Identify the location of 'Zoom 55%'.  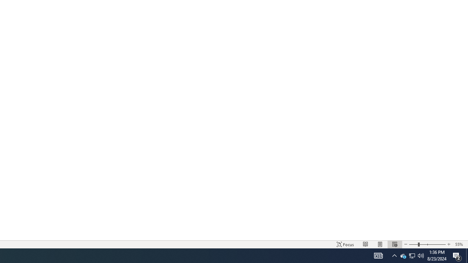
(460, 244).